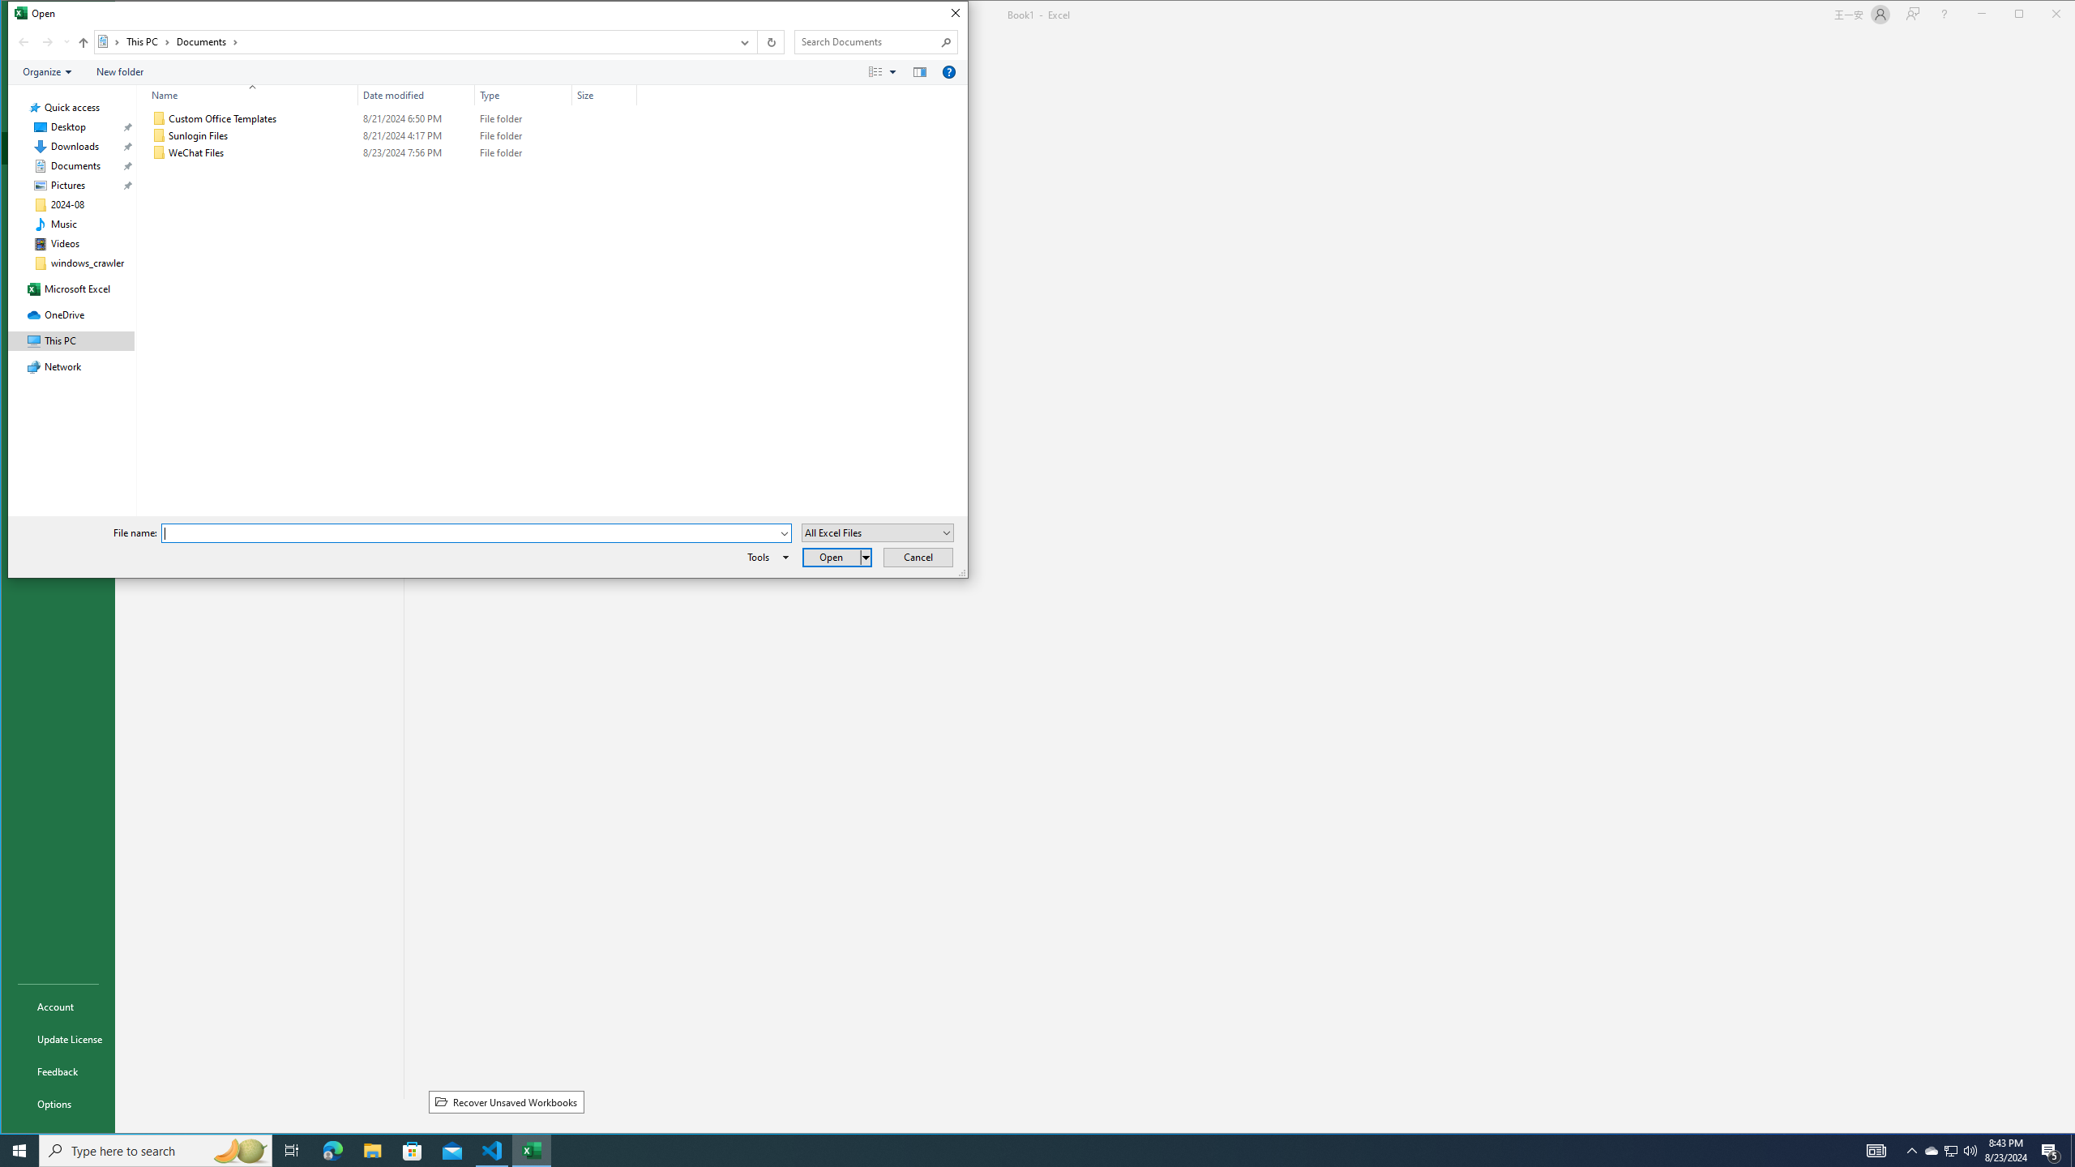 The width and height of the screenshot is (2075, 1167). What do you see at coordinates (416, 94) in the screenshot?
I see `'Date modified'` at bounding box center [416, 94].